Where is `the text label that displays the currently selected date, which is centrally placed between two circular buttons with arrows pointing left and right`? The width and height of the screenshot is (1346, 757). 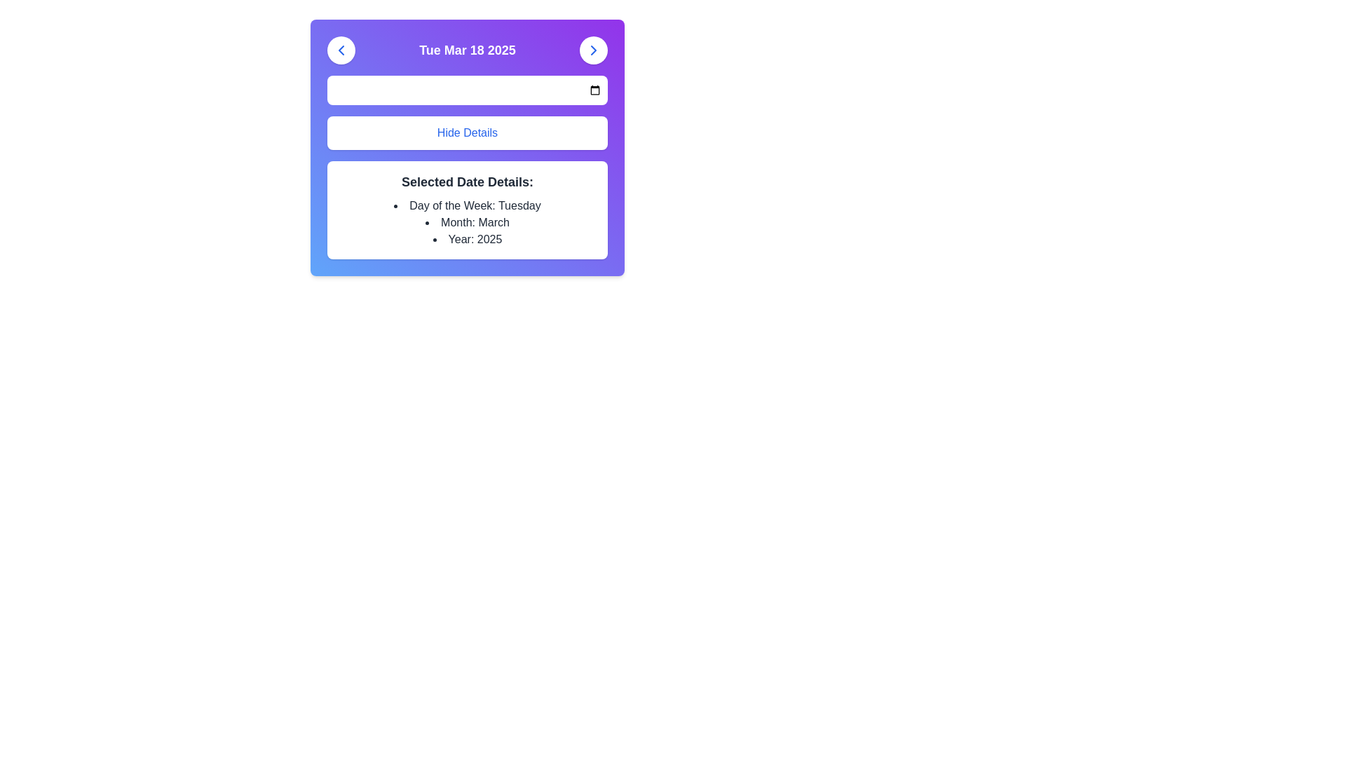 the text label that displays the currently selected date, which is centrally placed between two circular buttons with arrows pointing left and right is located at coordinates (468, 50).